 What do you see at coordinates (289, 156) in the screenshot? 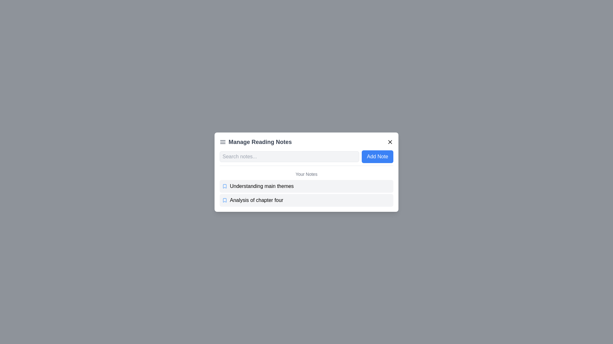
I see `the search input field to focus it` at bounding box center [289, 156].